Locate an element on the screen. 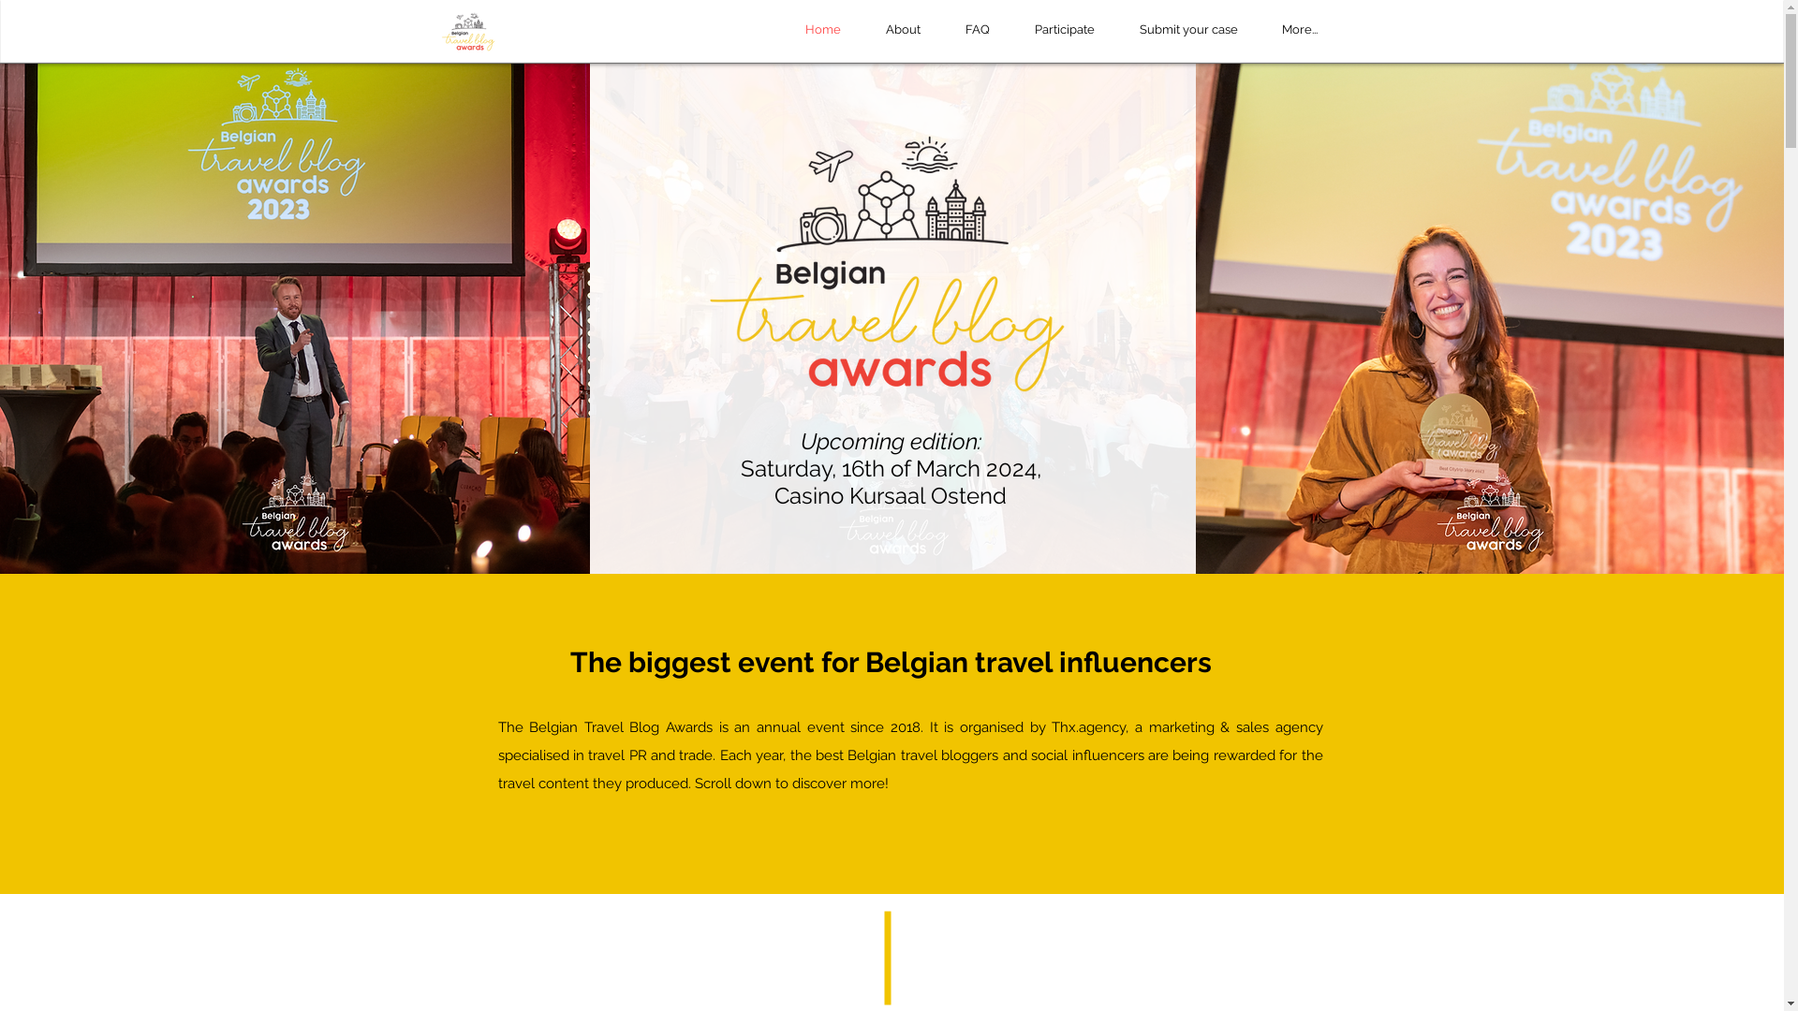 The height and width of the screenshot is (1011, 1798). 'Home' is located at coordinates (822, 29).